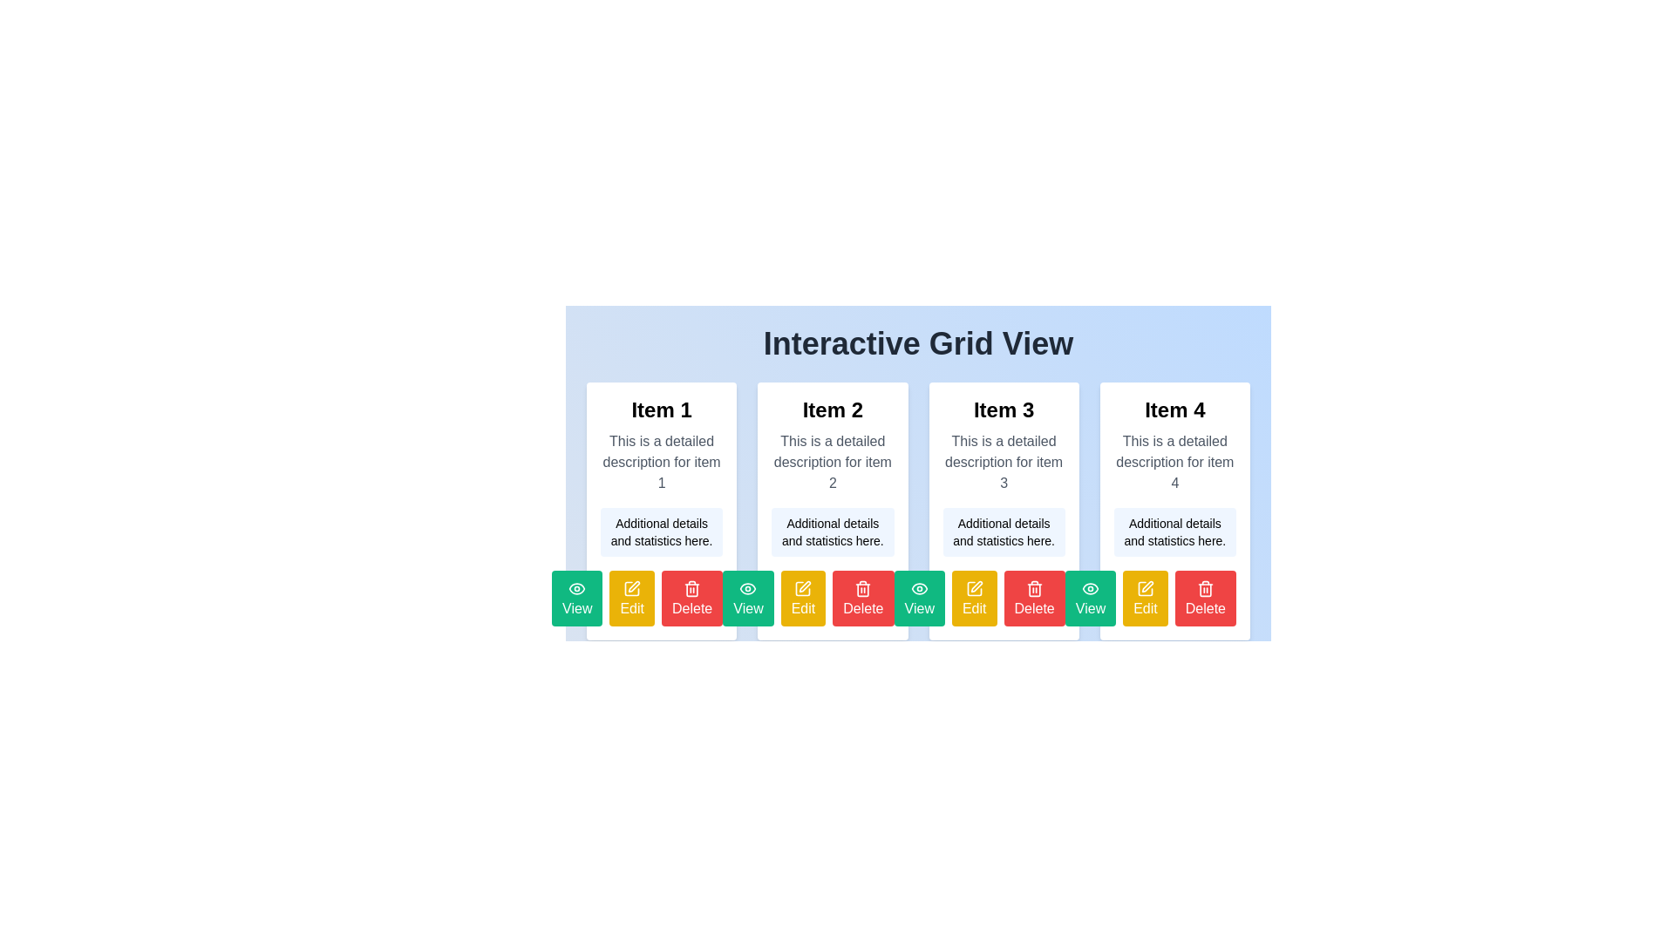 The image size is (1674, 941). What do you see at coordinates (577, 597) in the screenshot?
I see `the first button from the left in the 'View Edit Delete' button group under 'Item 1'` at bounding box center [577, 597].